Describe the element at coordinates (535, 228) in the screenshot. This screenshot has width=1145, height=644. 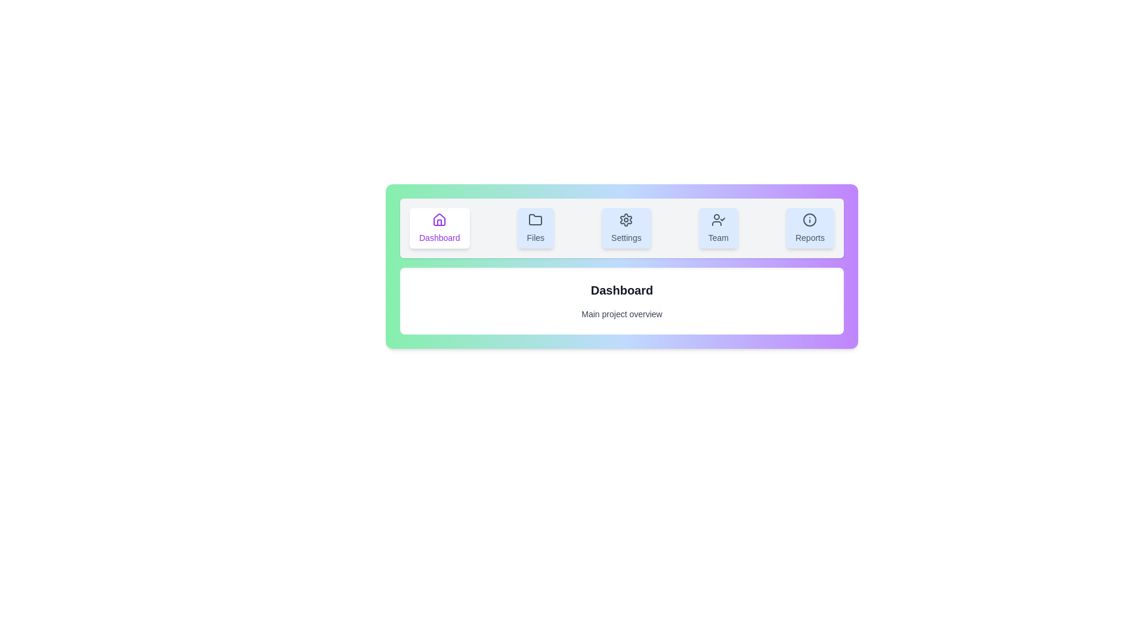
I see `the tab labeled Files by clicking on it` at that location.